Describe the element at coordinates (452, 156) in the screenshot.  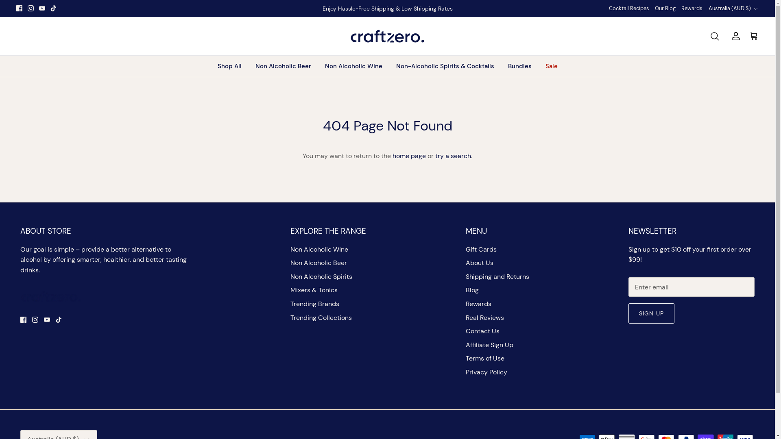
I see `'try a search'` at that location.